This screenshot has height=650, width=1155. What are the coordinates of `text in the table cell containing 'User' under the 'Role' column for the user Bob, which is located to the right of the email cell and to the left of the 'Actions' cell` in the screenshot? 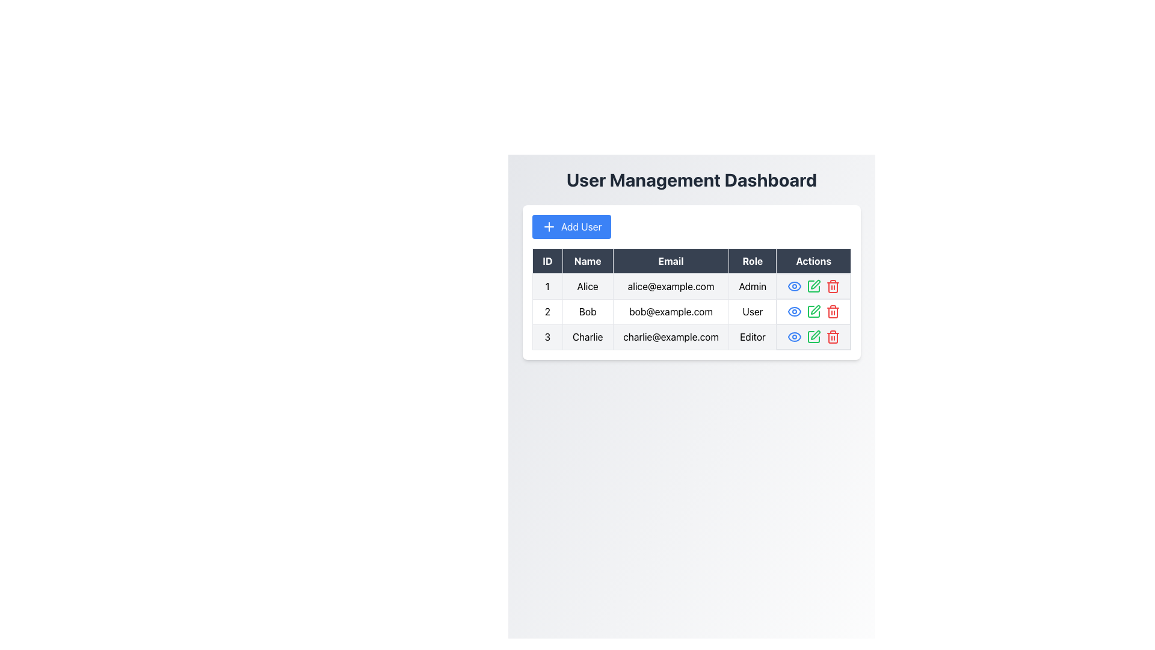 It's located at (752, 311).